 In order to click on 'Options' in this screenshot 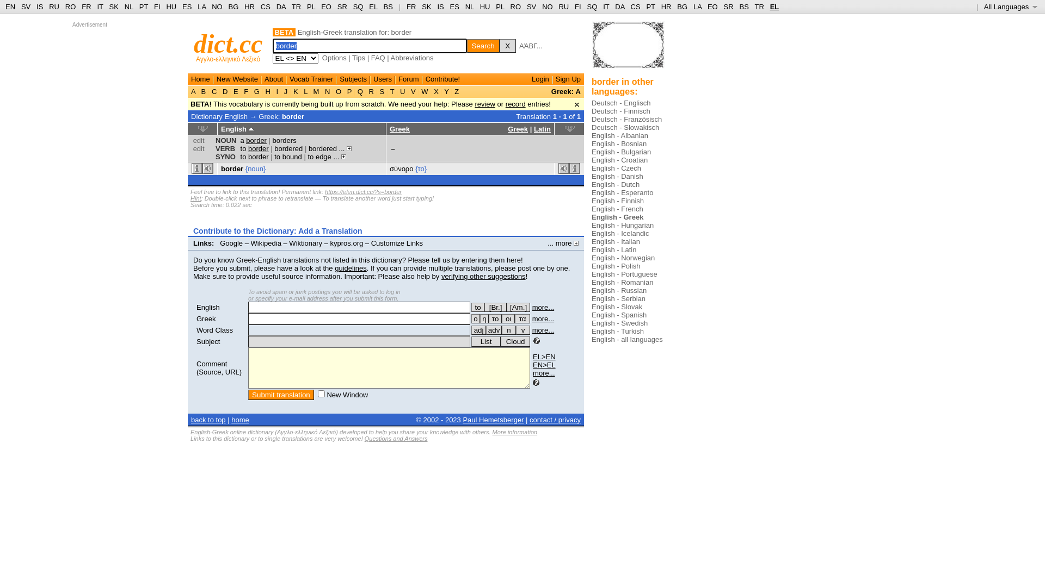, I will do `click(334, 58)`.